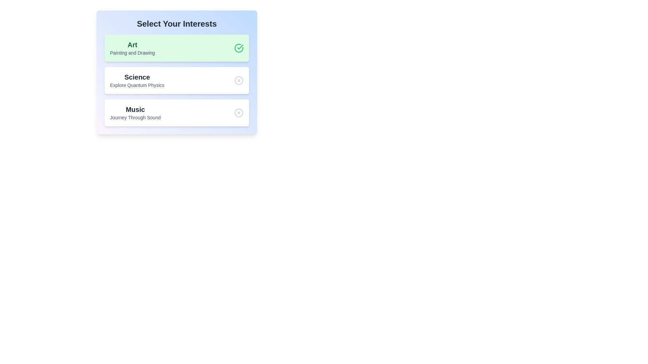 The image size is (648, 364). Describe the element at coordinates (177, 113) in the screenshot. I see `the chip labeled Music to observe the hover effect` at that location.